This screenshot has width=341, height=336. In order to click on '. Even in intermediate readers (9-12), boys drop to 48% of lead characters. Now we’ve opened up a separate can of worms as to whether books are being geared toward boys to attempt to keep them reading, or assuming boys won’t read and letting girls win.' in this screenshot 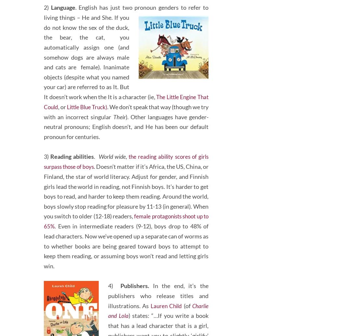, I will do `click(44, 264)`.